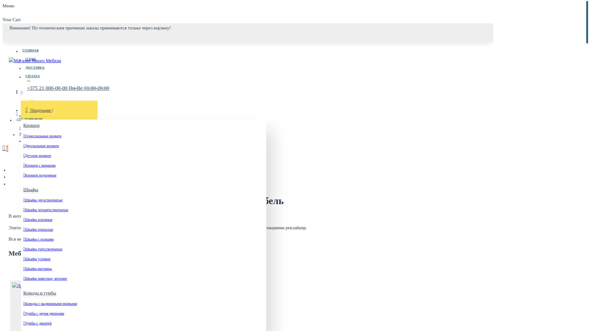 This screenshot has width=589, height=331. I want to click on '+375 29 000-00-00', so click(29, 116).